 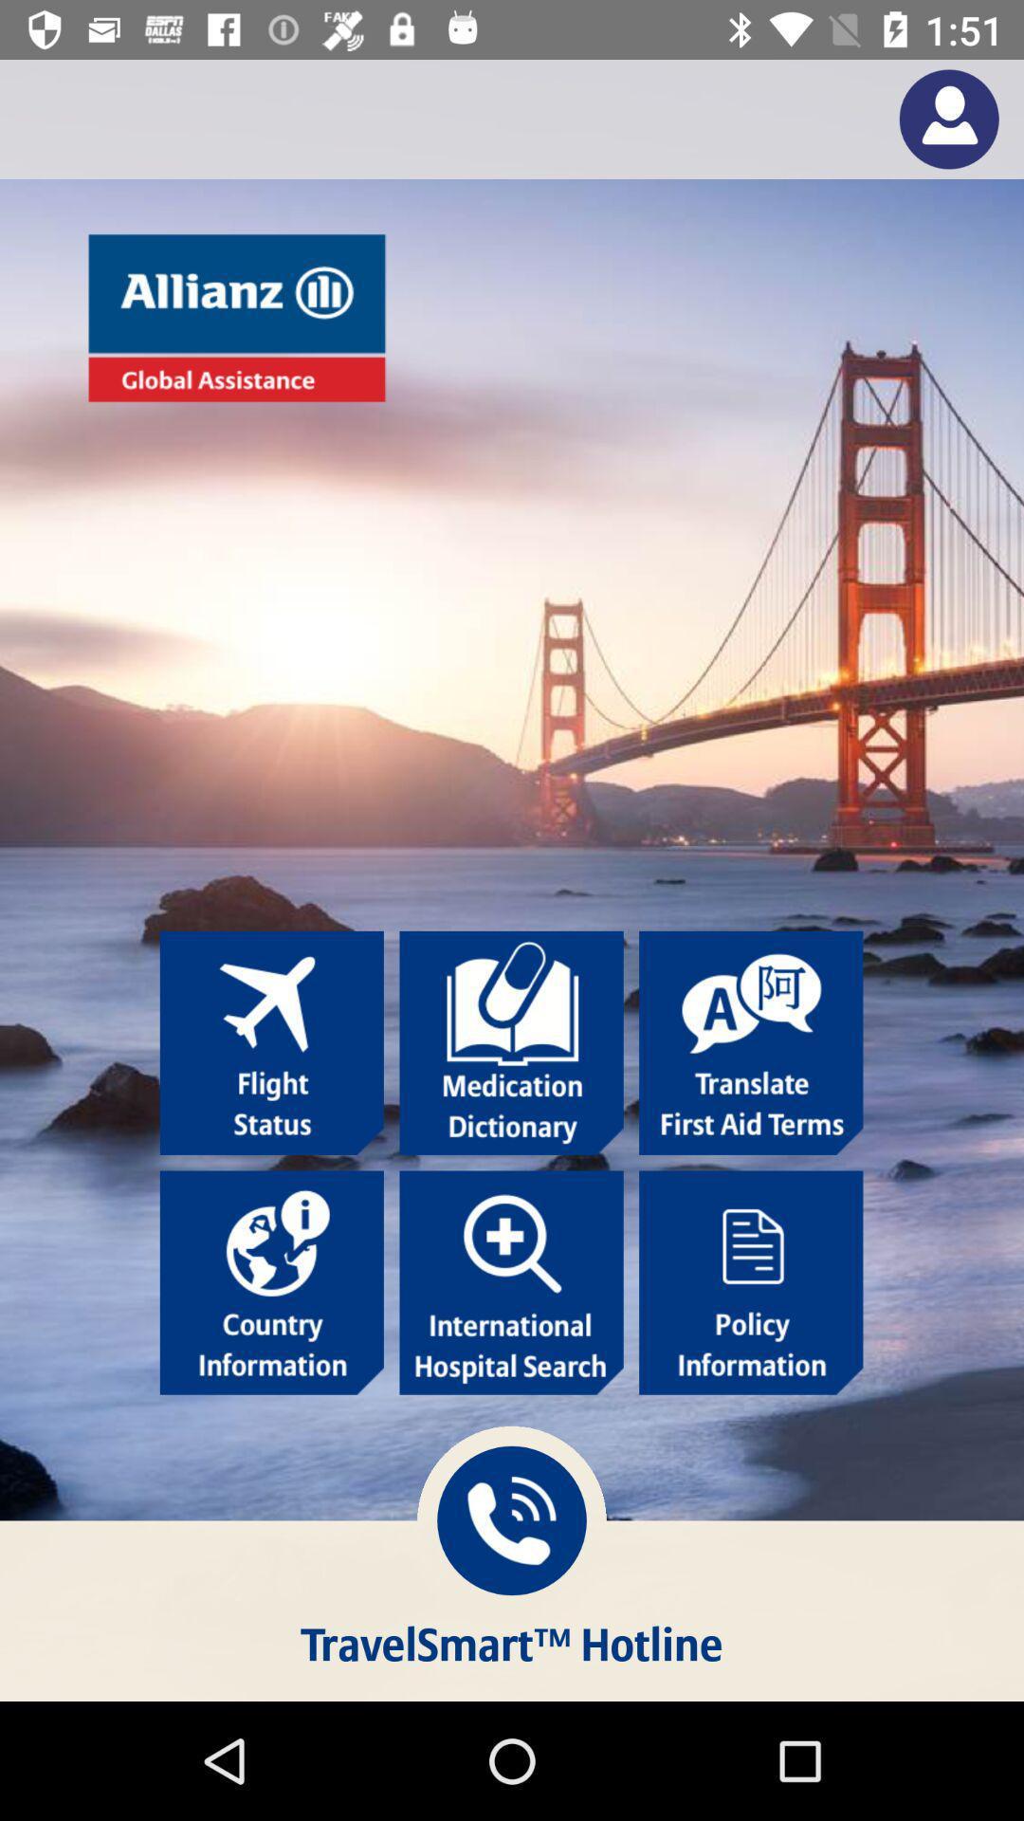 What do you see at coordinates (750, 1282) in the screenshot?
I see `policy information icon` at bounding box center [750, 1282].